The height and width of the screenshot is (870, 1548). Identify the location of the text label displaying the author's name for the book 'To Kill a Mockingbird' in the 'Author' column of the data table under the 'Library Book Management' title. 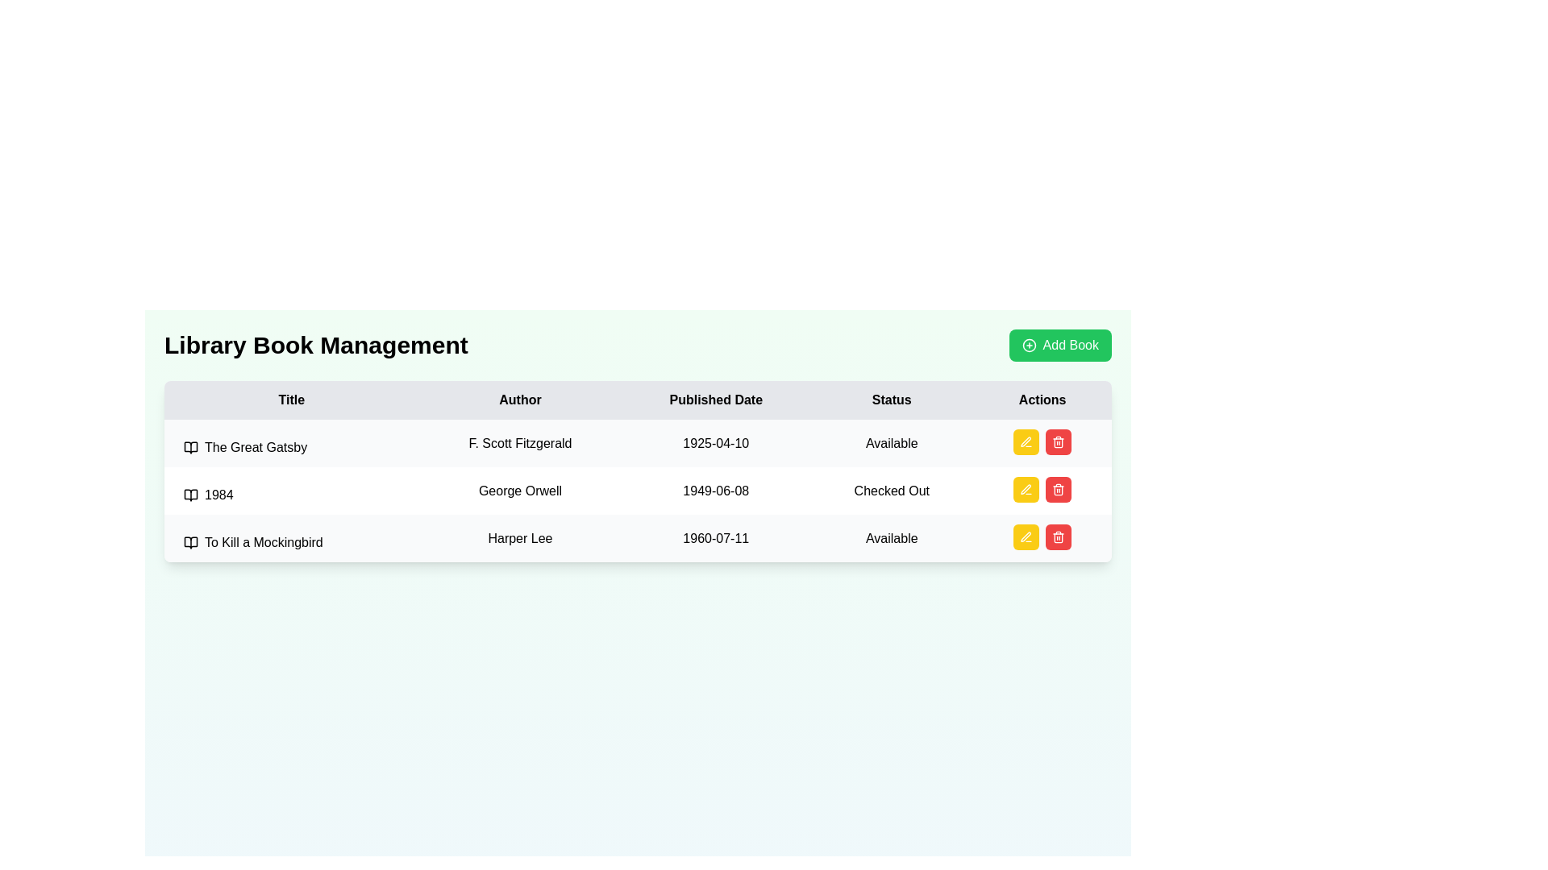
(520, 538).